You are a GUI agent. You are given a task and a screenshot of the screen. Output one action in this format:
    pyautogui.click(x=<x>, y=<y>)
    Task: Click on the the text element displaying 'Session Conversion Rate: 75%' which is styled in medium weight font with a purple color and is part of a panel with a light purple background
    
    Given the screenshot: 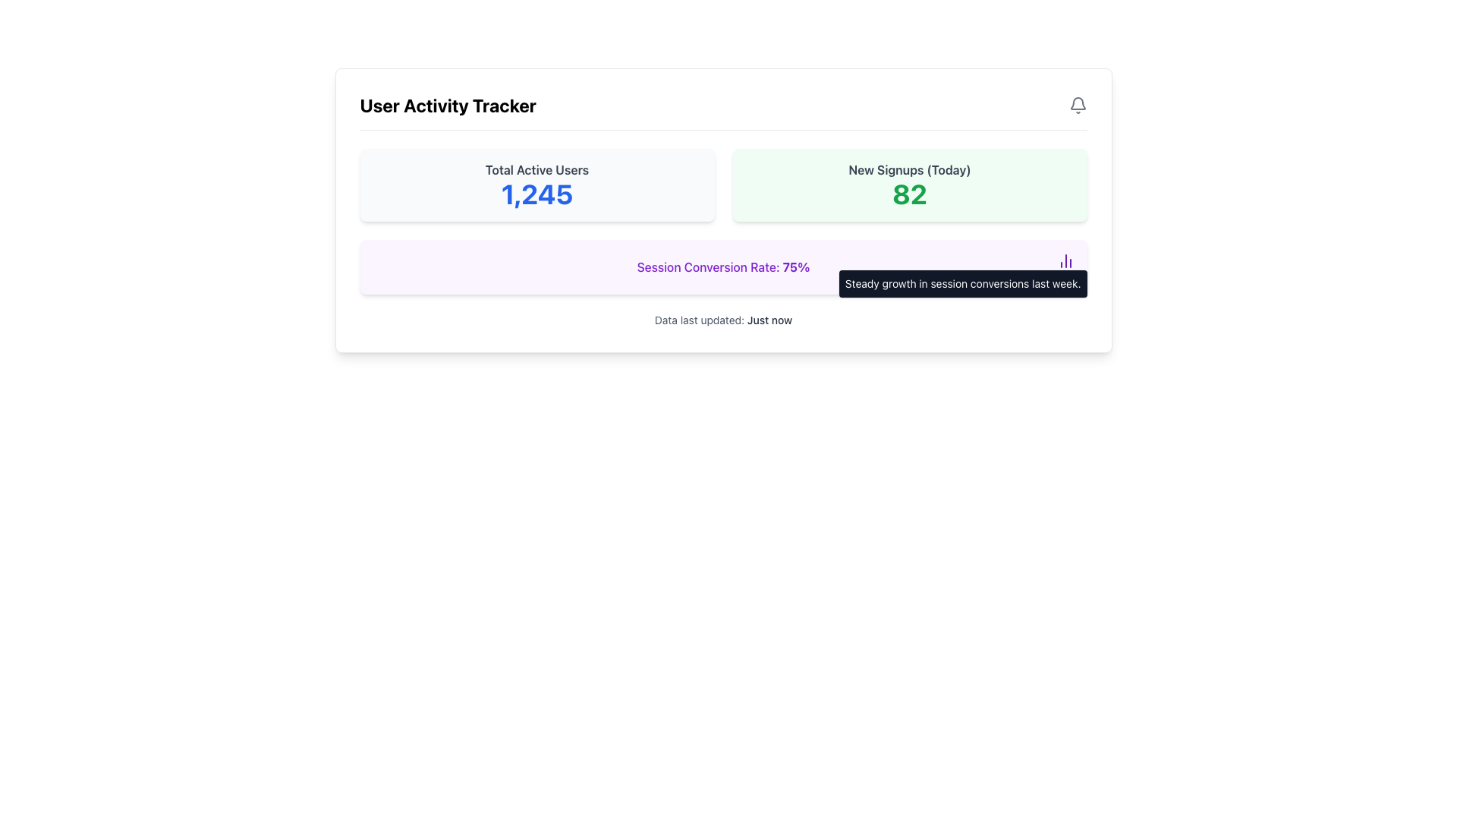 What is the action you would take?
    pyautogui.click(x=722, y=266)
    